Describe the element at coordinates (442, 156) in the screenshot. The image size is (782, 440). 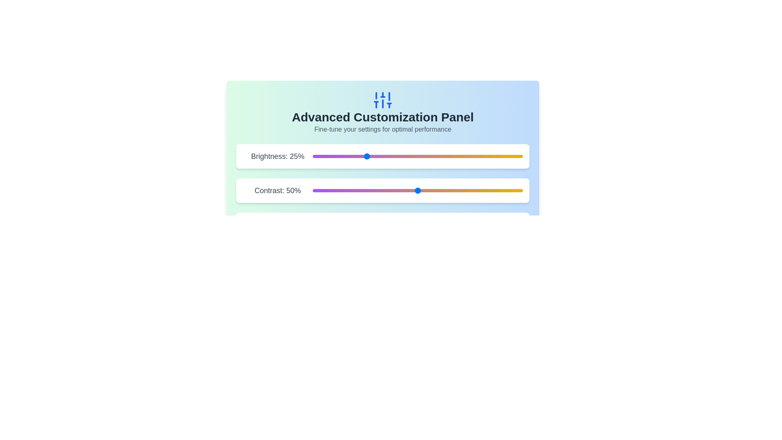
I see `the brightness slider to 62%` at that location.